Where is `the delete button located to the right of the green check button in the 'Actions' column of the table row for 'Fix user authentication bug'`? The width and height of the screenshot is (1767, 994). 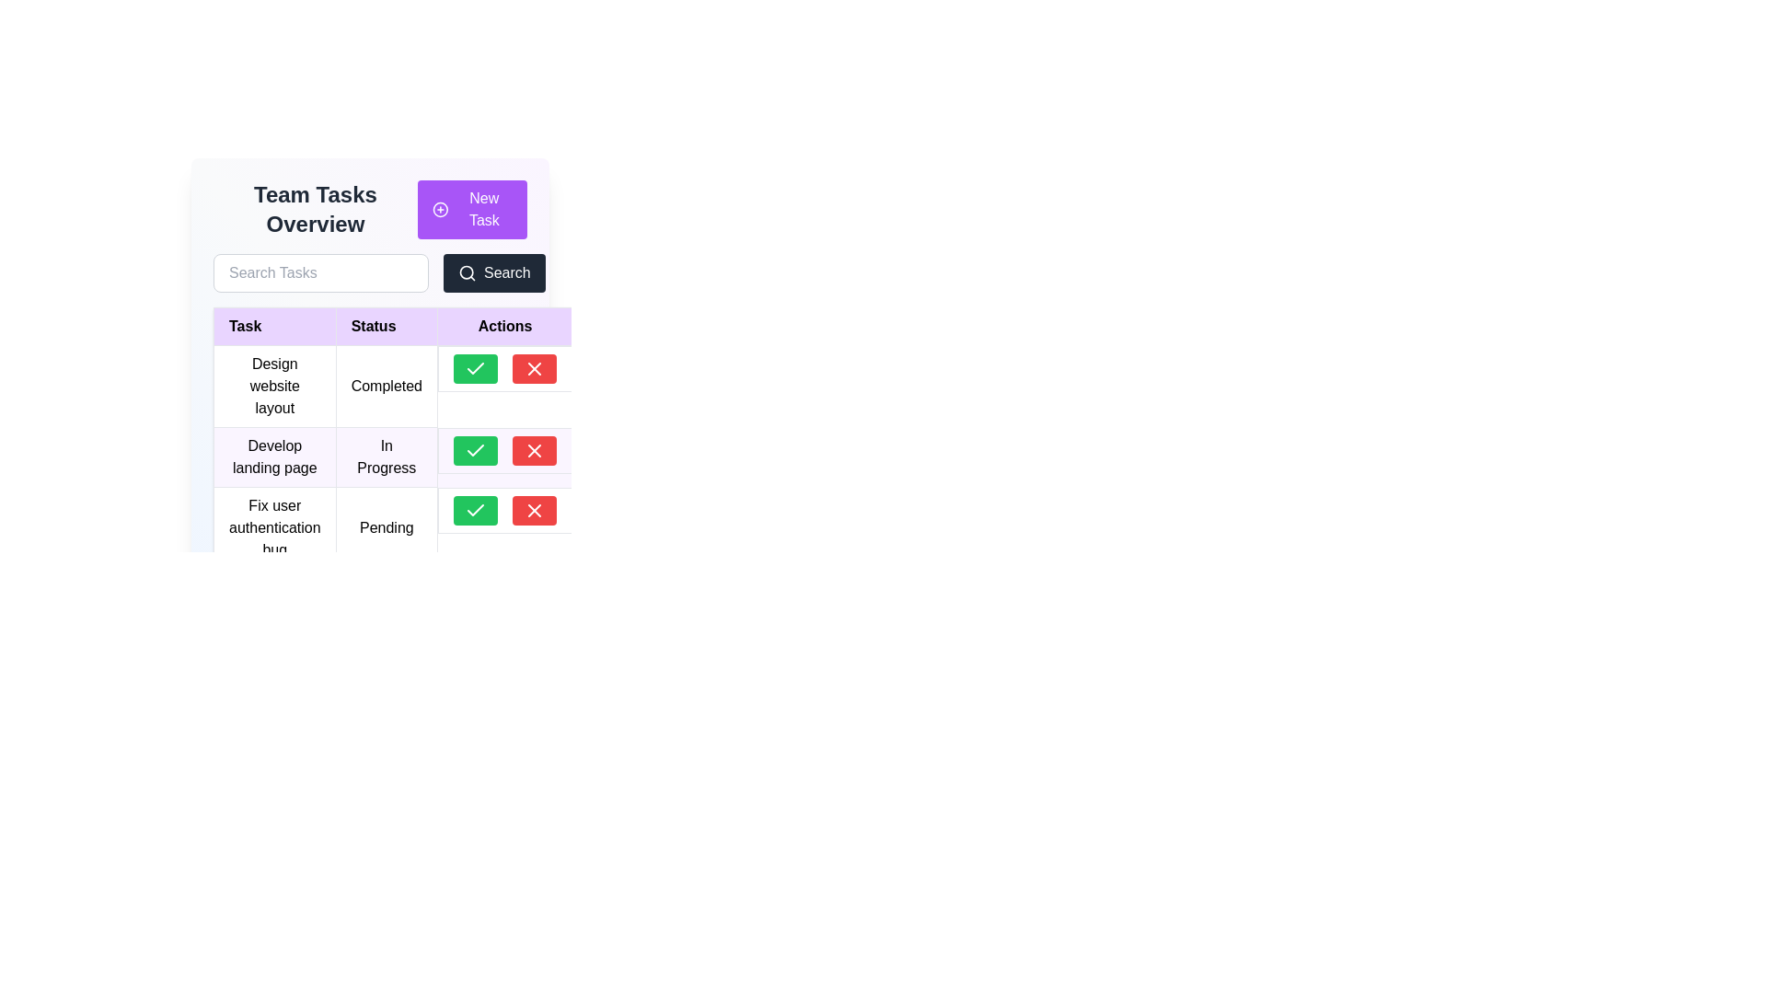 the delete button located to the right of the green check button in the 'Actions' column of the table row for 'Fix user authentication bug' is located at coordinates (533, 510).